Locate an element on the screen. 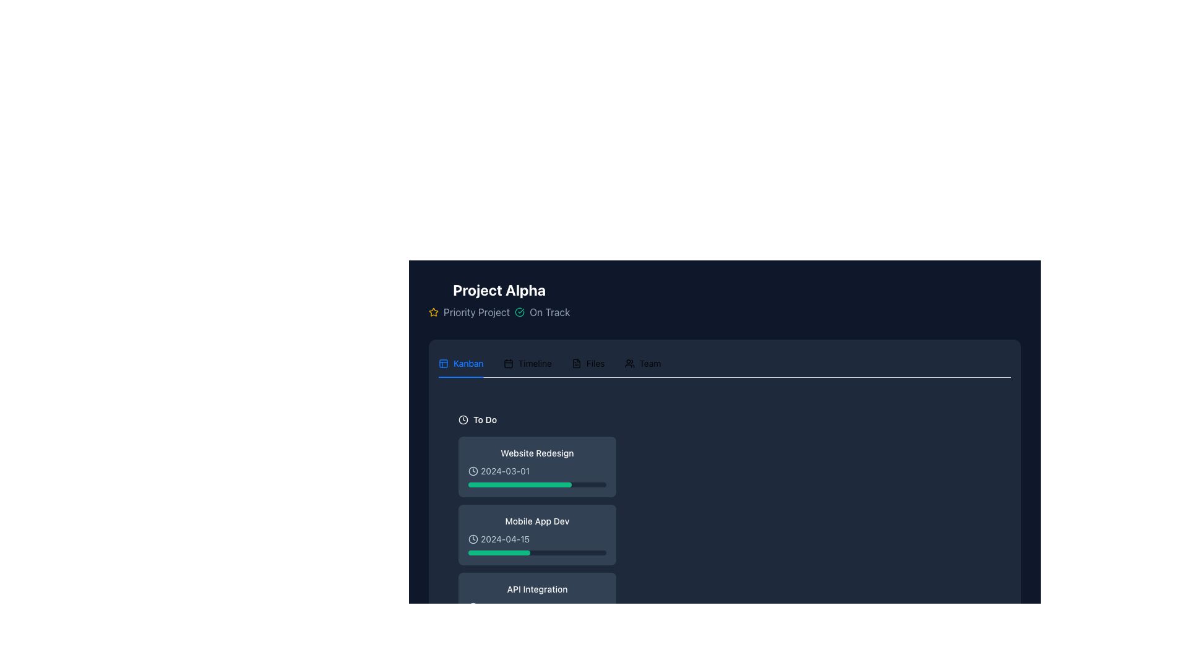 This screenshot has width=1188, height=668. the small outlined icon resembling a group of people, located to the left of the 'Team' label in the navigation bar under the Project Alpha header is located at coordinates (629, 362).